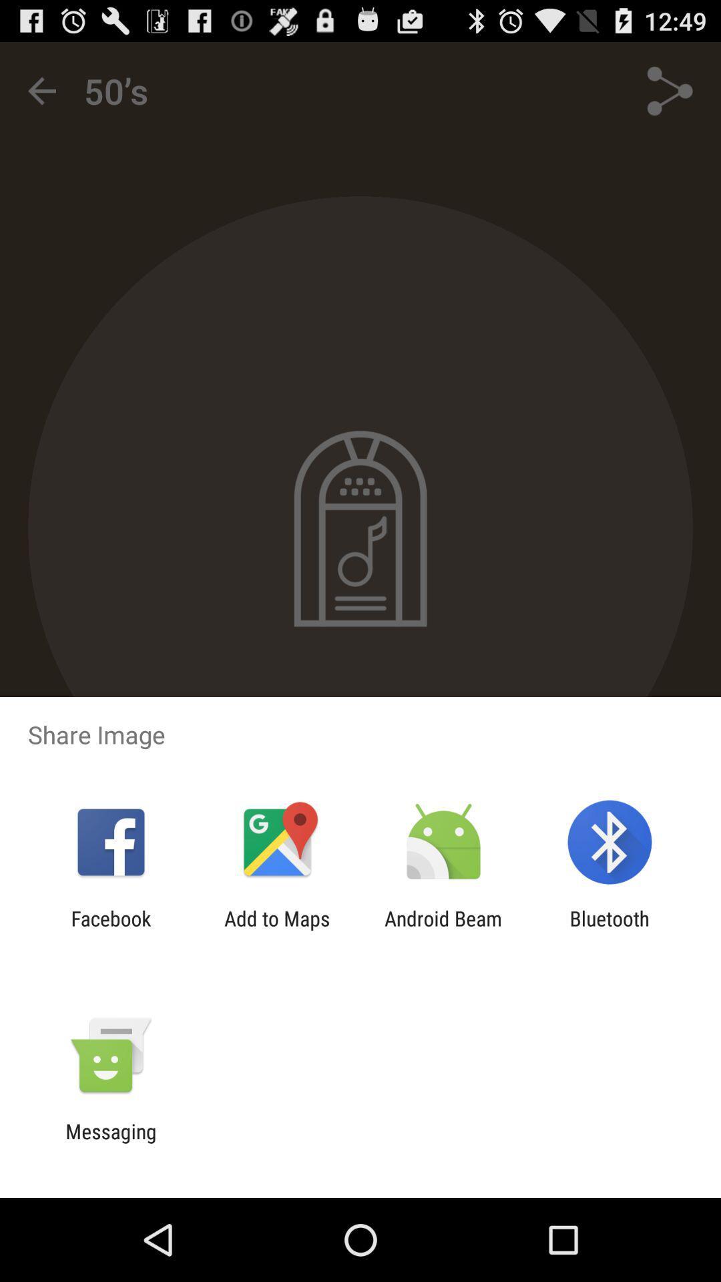  I want to click on the item next to add to maps, so click(110, 929).